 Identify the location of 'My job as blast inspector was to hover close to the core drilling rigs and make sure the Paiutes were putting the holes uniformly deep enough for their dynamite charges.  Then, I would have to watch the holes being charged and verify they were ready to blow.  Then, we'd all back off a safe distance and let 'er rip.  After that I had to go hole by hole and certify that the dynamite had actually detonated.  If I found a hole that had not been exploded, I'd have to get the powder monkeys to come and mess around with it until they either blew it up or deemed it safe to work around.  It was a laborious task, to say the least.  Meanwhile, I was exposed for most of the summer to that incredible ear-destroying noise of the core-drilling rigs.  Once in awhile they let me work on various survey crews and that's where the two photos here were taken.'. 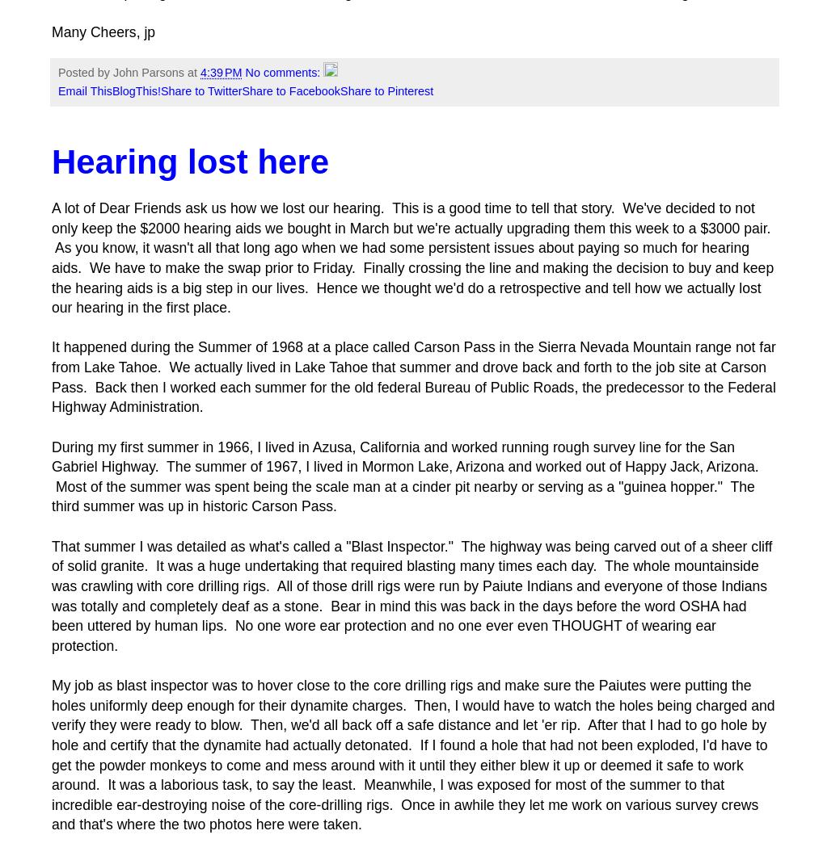
(412, 754).